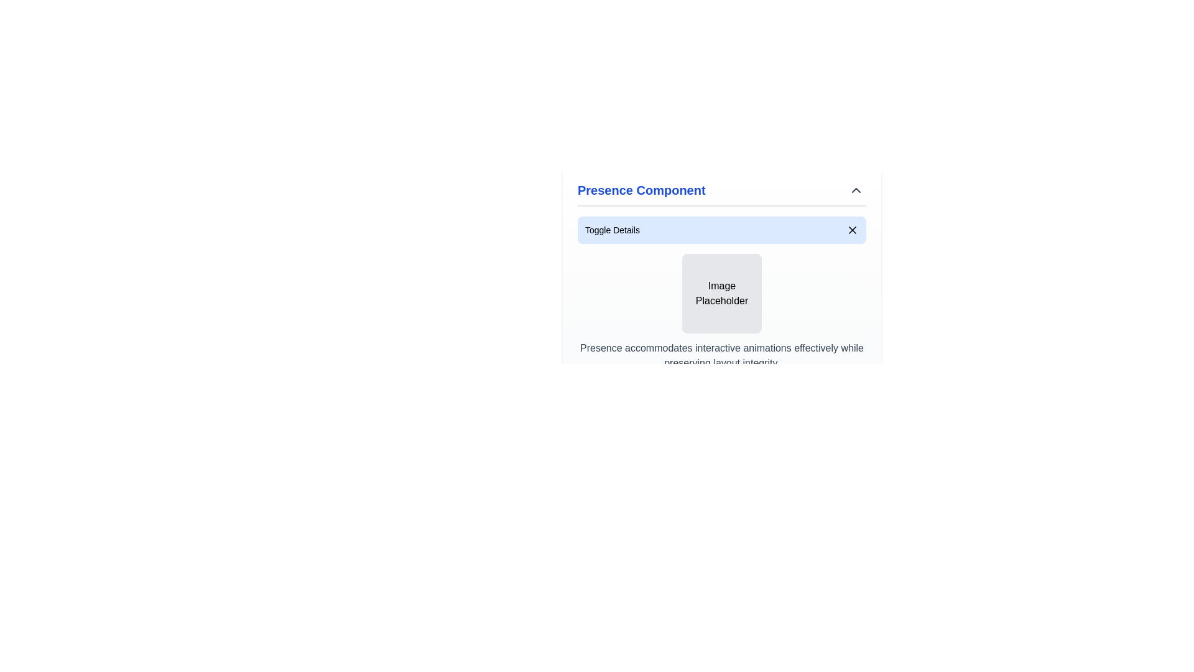 The width and height of the screenshot is (1194, 672). Describe the element at coordinates (856, 190) in the screenshot. I see `the upward-pointing chevron icon button located at the top-right corner of the 'Presence Component' section` at that location.